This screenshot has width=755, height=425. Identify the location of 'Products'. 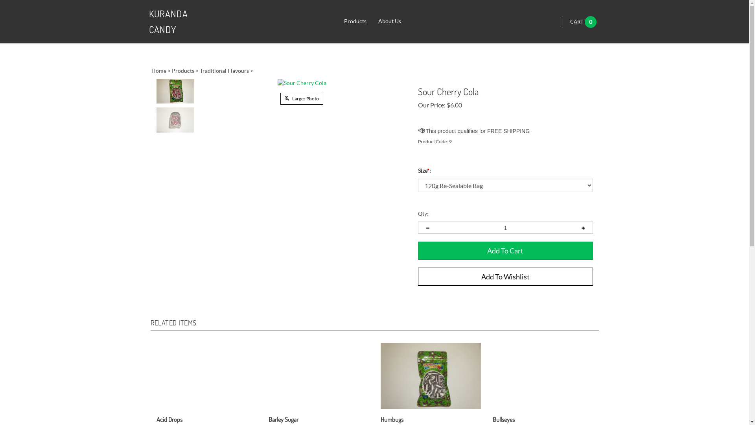
(355, 21).